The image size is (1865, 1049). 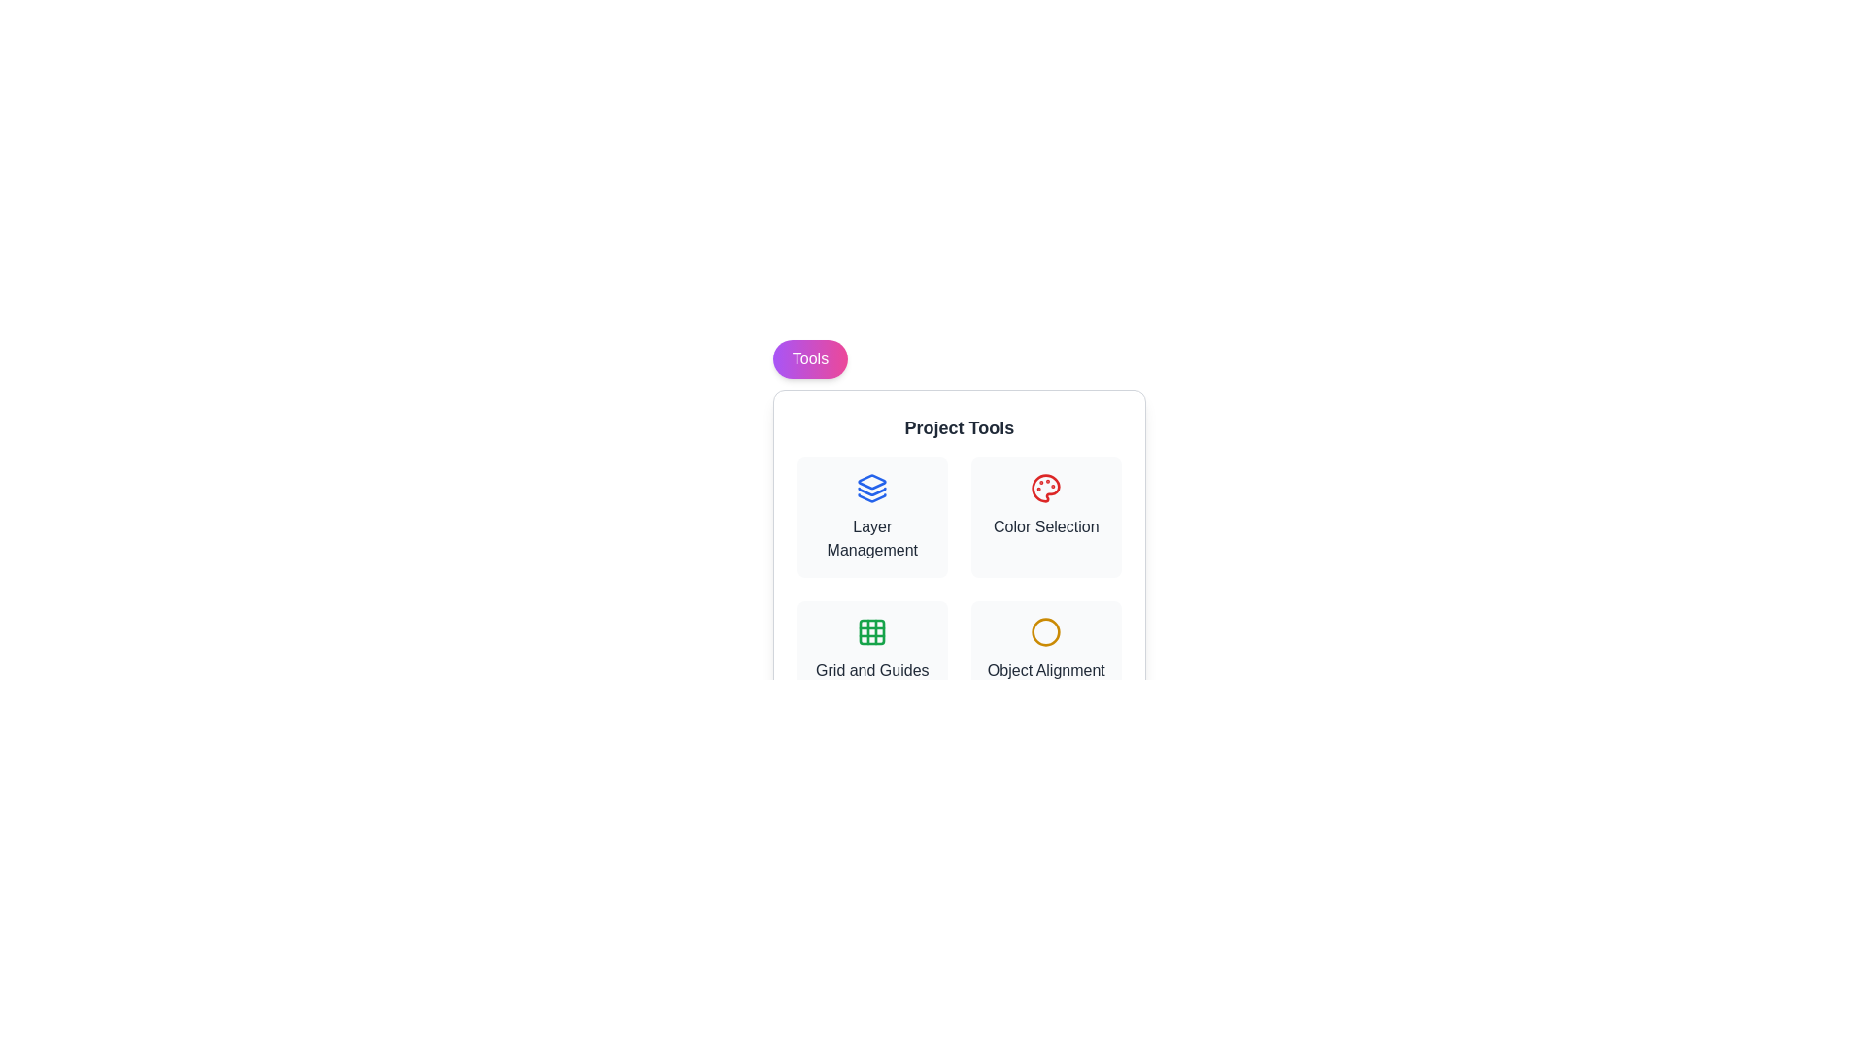 What do you see at coordinates (1045, 487) in the screenshot?
I see `the painter's palette icon, which is red and located in the upper-right quadrant of the 'Color Selection' card` at bounding box center [1045, 487].